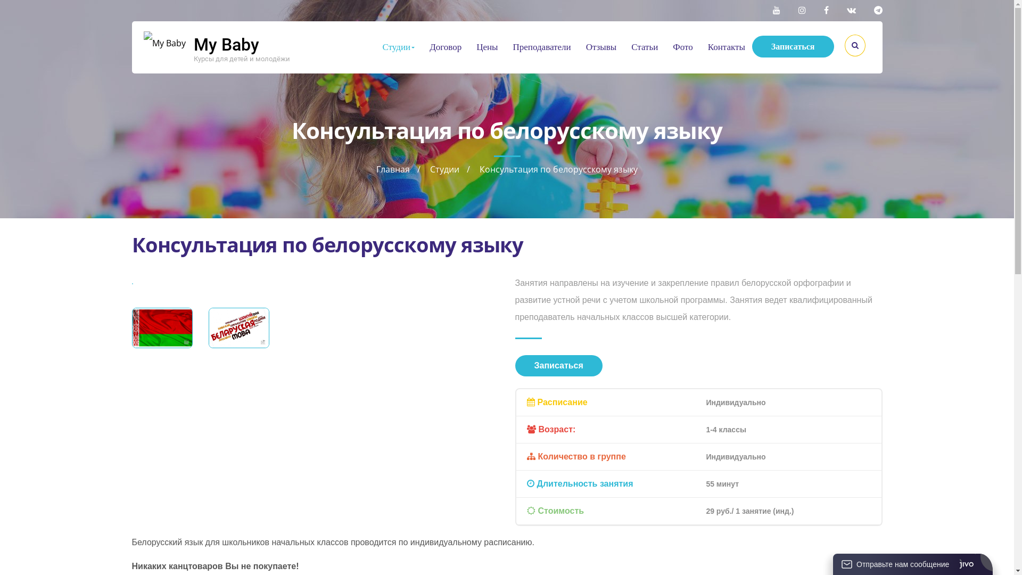 The image size is (1022, 575). Describe the element at coordinates (226, 44) in the screenshot. I see `'My Baby'` at that location.